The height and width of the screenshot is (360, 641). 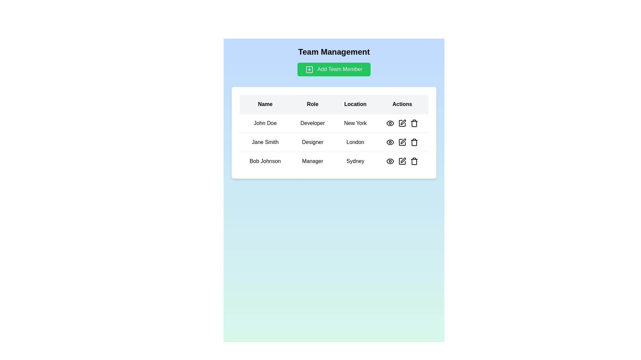 What do you see at coordinates (403, 122) in the screenshot?
I see `the Edit pen icon in the Actions column of the first row` at bounding box center [403, 122].